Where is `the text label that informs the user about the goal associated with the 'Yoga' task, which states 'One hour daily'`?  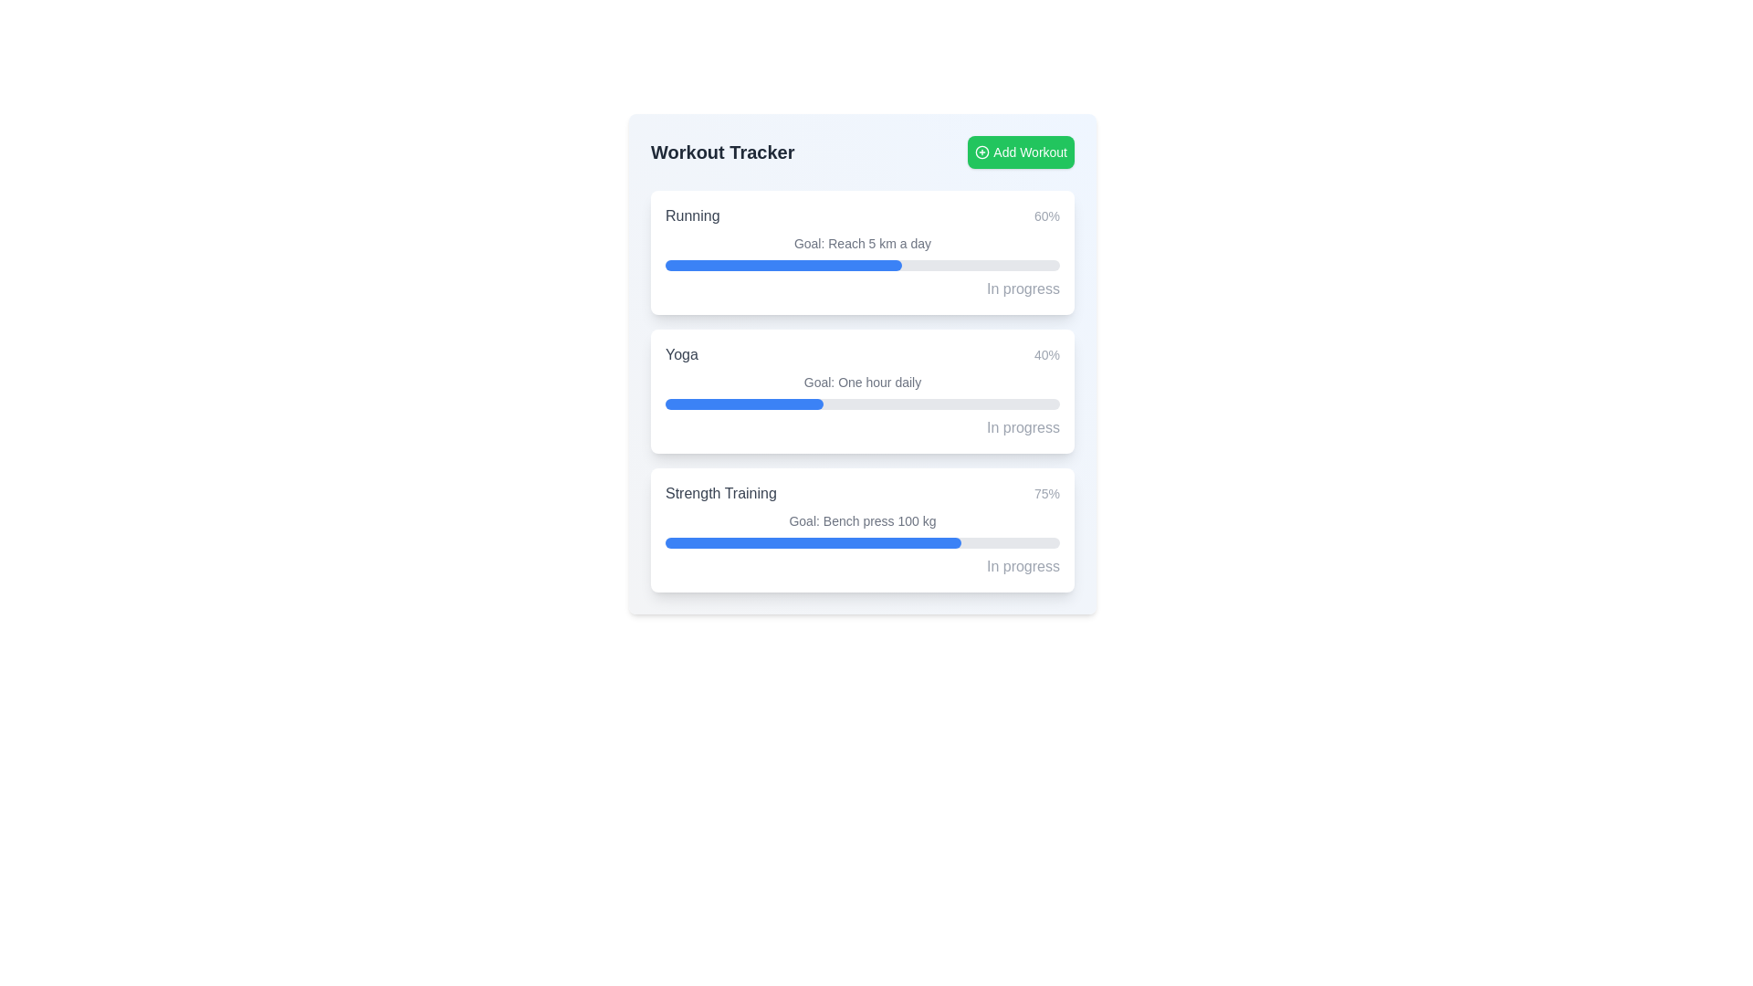 the text label that informs the user about the goal associated with the 'Yoga' task, which states 'One hour daily' is located at coordinates (862, 382).